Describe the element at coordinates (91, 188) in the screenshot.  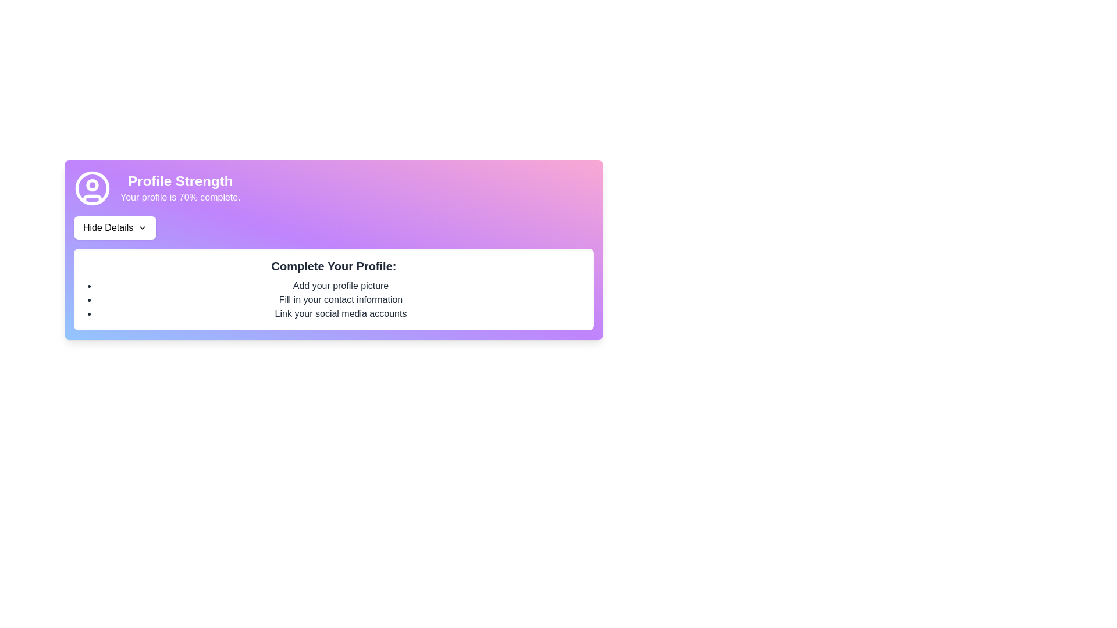
I see `the outer circular boundary of the user profile icon, which is centered in the profile section of the card, located above the 'Profile Strength' text and to the left of the progress information text` at that location.